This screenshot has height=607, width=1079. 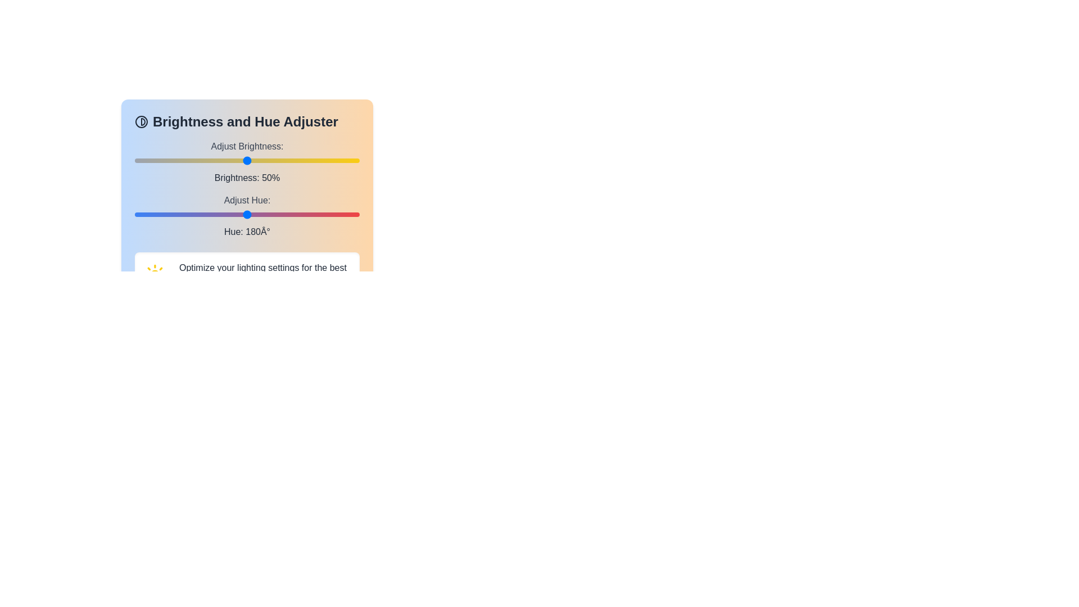 What do you see at coordinates (255, 214) in the screenshot?
I see `the hue to 194 degrees by moving the slider` at bounding box center [255, 214].